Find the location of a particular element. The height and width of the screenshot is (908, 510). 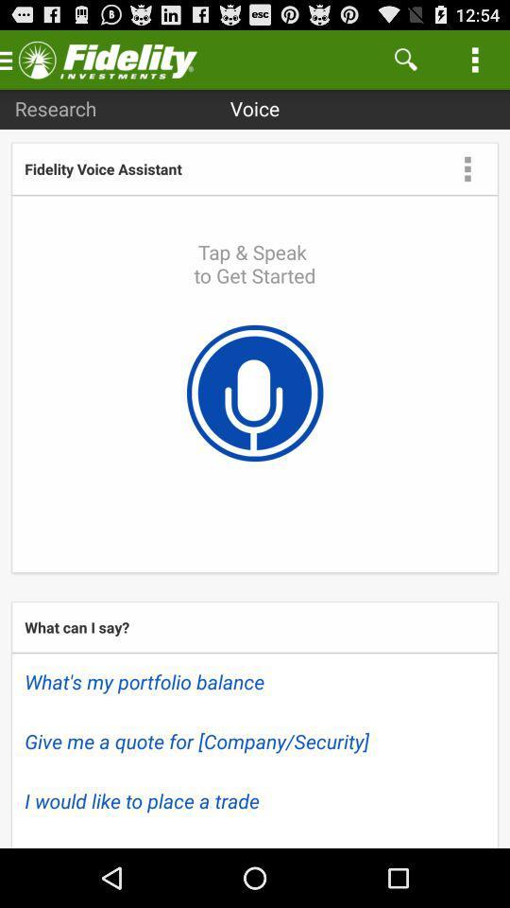

app next to the fidelity voice assistant icon is located at coordinates (467, 167).